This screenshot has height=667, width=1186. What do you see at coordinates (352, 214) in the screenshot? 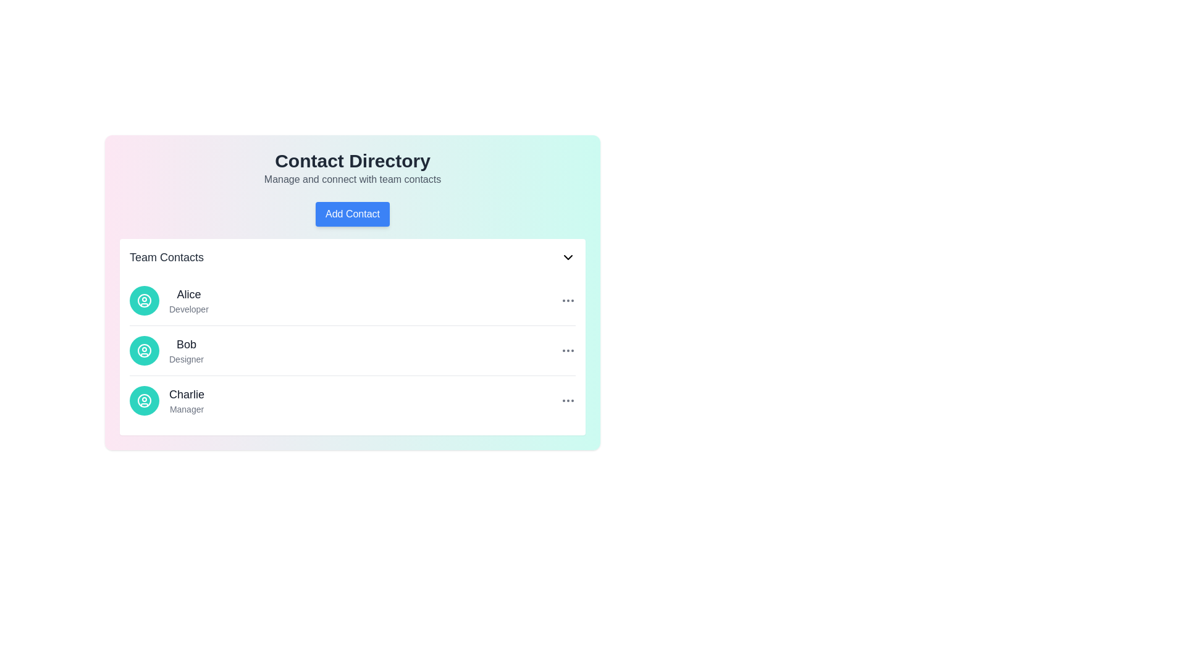
I see `the button for adding a new contact` at bounding box center [352, 214].